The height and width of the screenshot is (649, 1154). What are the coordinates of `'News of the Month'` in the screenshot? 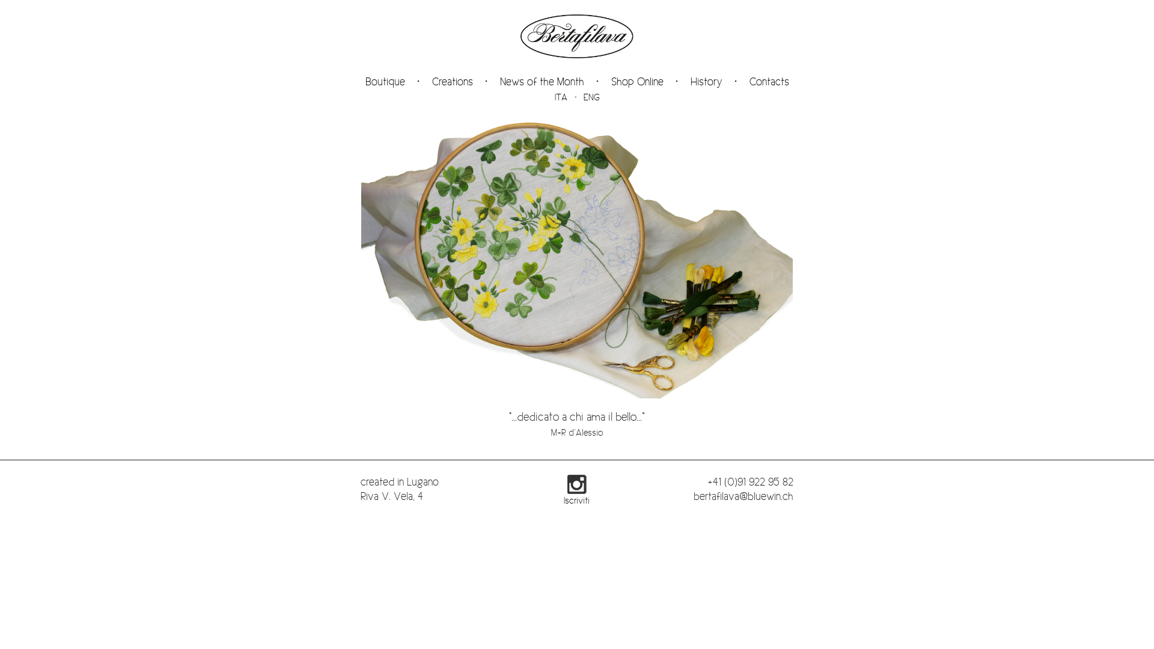 It's located at (542, 81).